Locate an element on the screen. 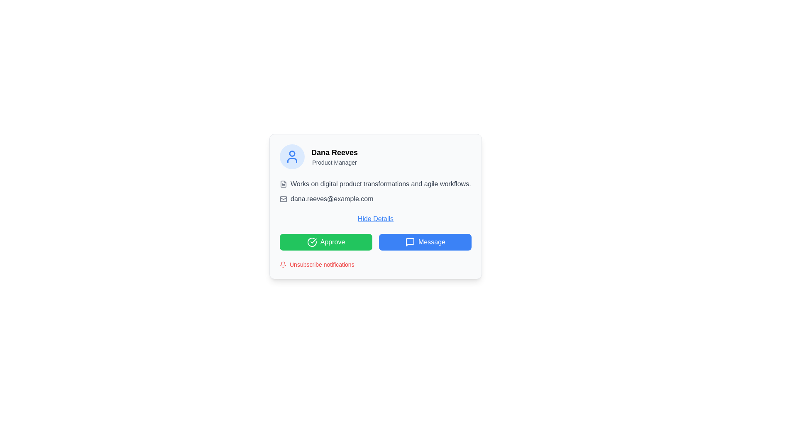 The width and height of the screenshot is (797, 448). the decorative Message icon located immediately to the left of the Message button at the bottom right of the card component is located at coordinates (410, 242).